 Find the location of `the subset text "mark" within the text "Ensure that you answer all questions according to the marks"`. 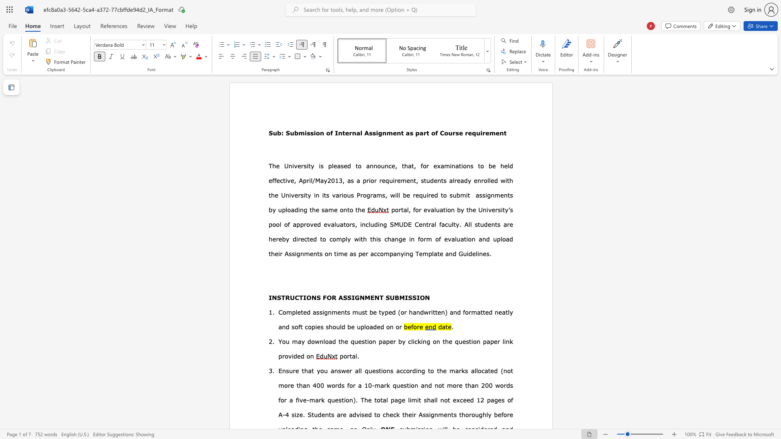

the subset text "mark" within the text "Ensure that you answer all questions according to the marks" is located at coordinates (449, 370).